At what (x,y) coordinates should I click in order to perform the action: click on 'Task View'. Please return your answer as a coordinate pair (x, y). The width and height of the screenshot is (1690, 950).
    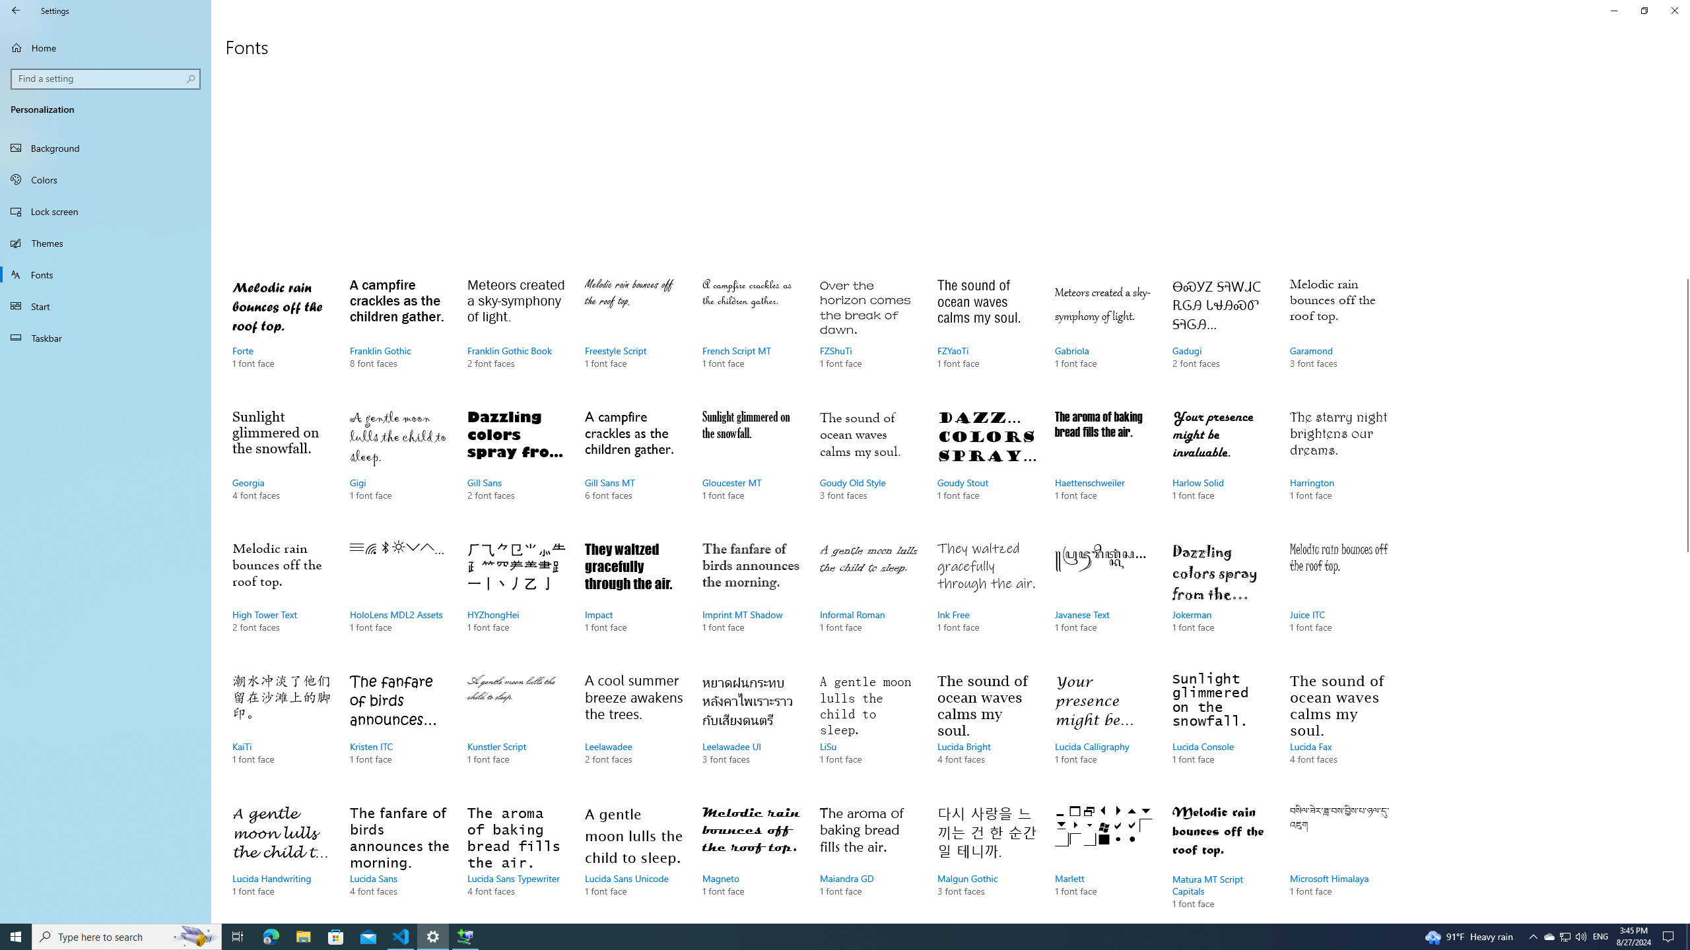
    Looking at the image, I should click on (236, 935).